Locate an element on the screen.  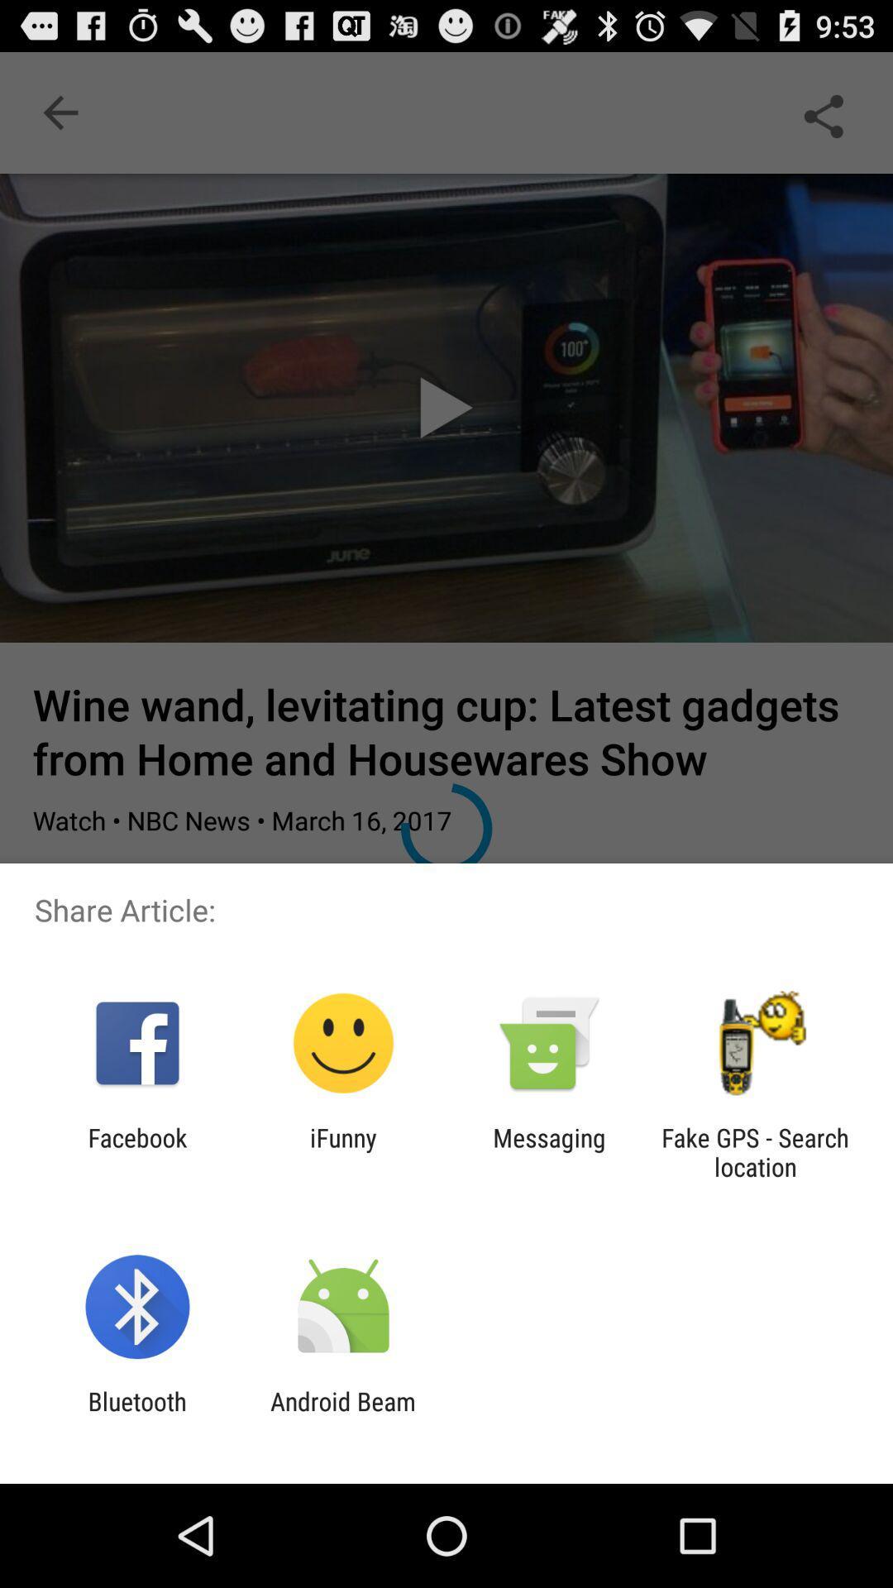
fake gps search item is located at coordinates (755, 1151).